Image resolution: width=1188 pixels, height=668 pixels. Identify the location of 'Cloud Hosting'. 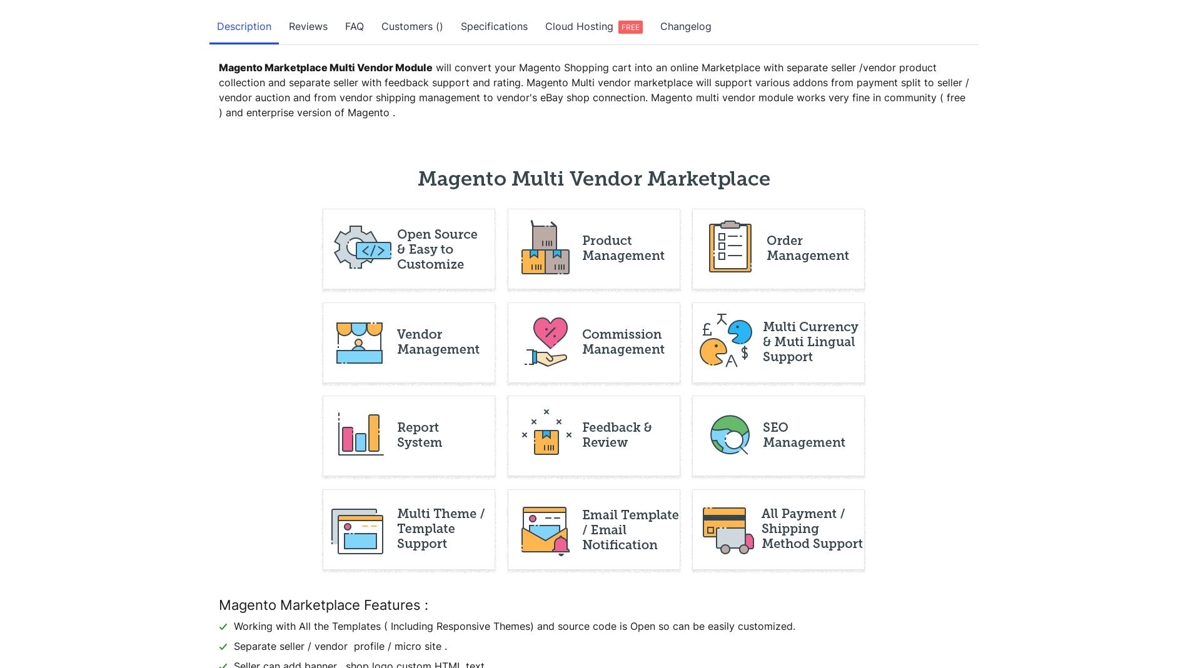
(578, 26).